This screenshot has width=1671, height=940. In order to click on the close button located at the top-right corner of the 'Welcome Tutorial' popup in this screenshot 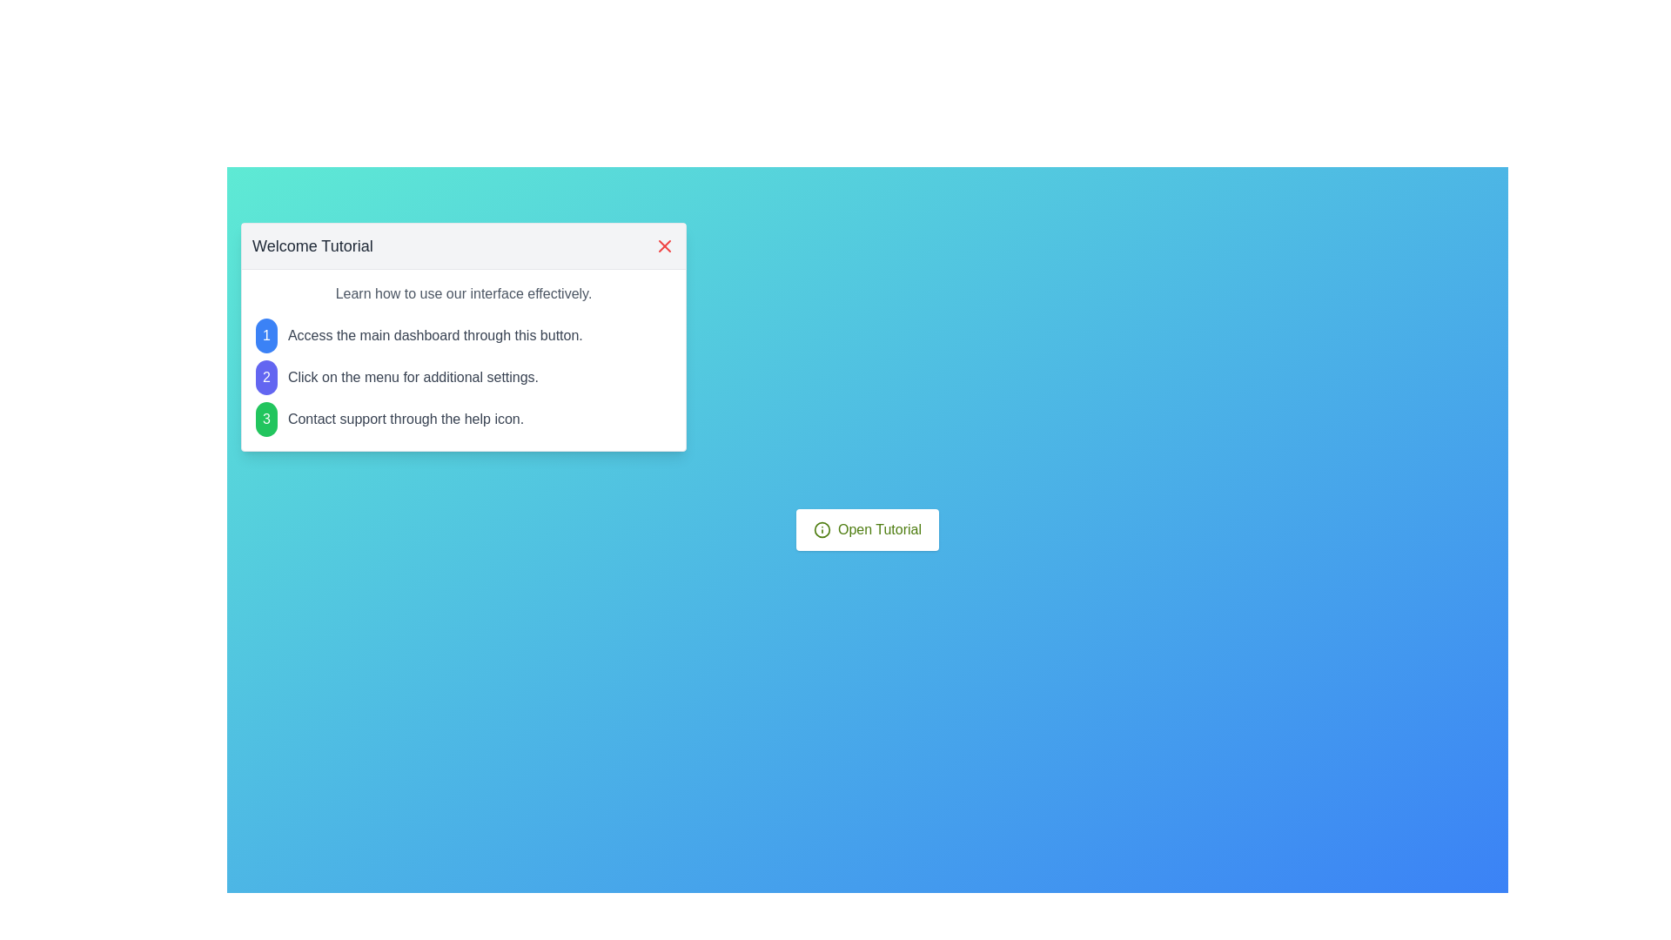, I will do `click(663, 245)`.